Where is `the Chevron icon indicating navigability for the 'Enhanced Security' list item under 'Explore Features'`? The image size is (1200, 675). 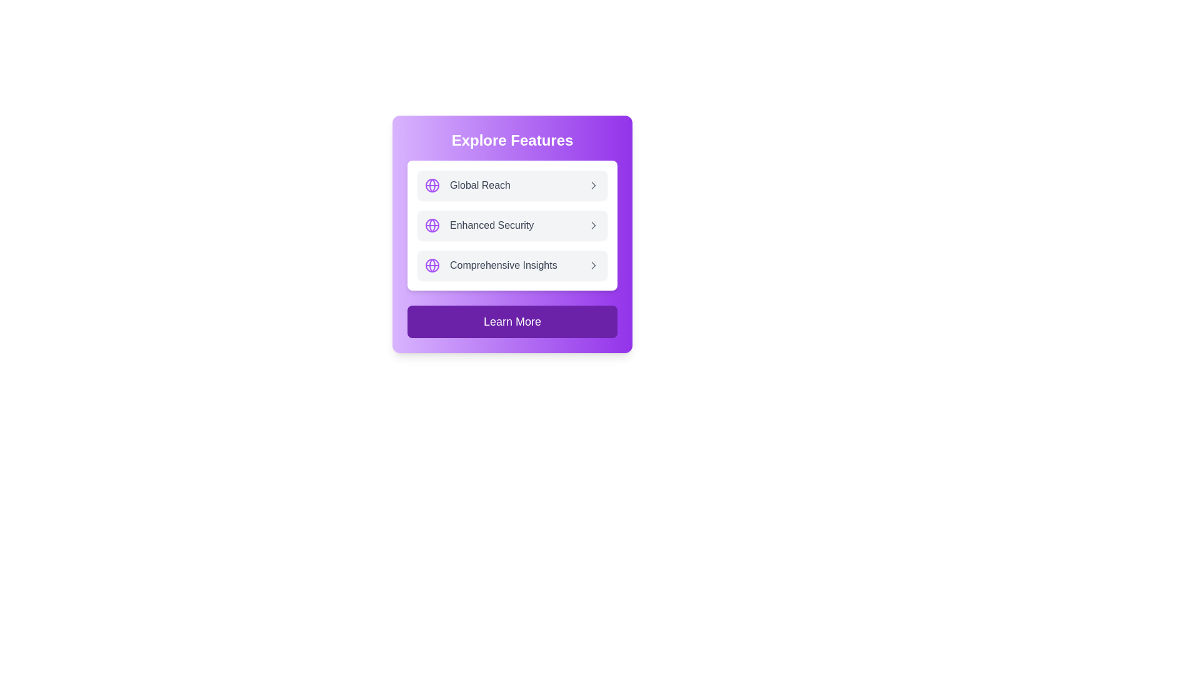
the Chevron icon indicating navigability for the 'Enhanced Security' list item under 'Explore Features' is located at coordinates (593, 226).